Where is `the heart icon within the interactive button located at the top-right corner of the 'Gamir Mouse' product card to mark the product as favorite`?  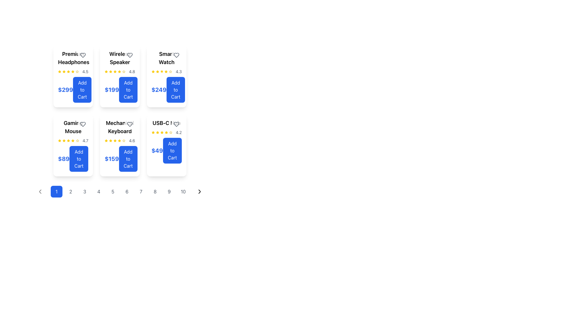
the heart icon within the interactive button located at the top-right corner of the 'Gamir Mouse' product card to mark the product as favorite is located at coordinates (83, 124).